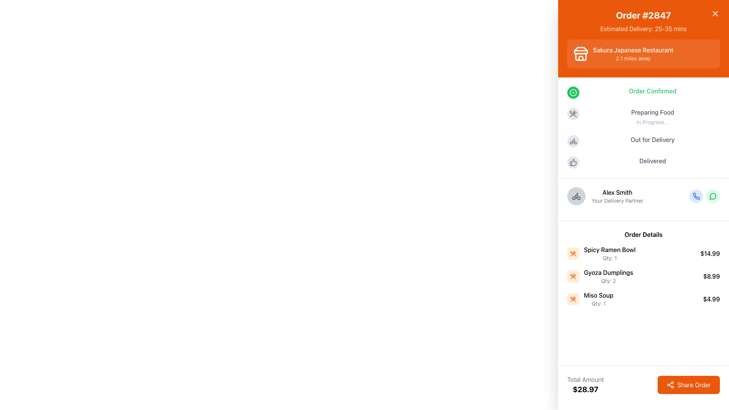 Image resolution: width=729 pixels, height=410 pixels. I want to click on the orange icon representing crossed utensils, which is the first icon in the 'Order Details' list, located to the left of the text 'Spicy Ramen Bowl', so click(573, 276).